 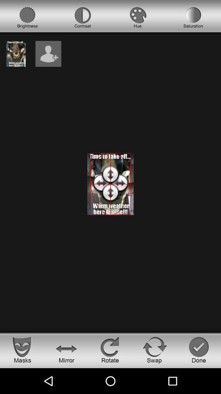 I want to click on the item at the top right corner, so click(x=193, y=17).